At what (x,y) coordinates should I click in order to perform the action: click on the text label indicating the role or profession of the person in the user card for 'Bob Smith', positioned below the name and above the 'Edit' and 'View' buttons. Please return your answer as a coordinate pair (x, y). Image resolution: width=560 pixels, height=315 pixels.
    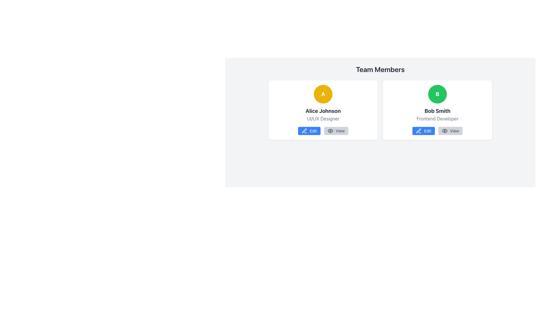
    Looking at the image, I should click on (437, 118).